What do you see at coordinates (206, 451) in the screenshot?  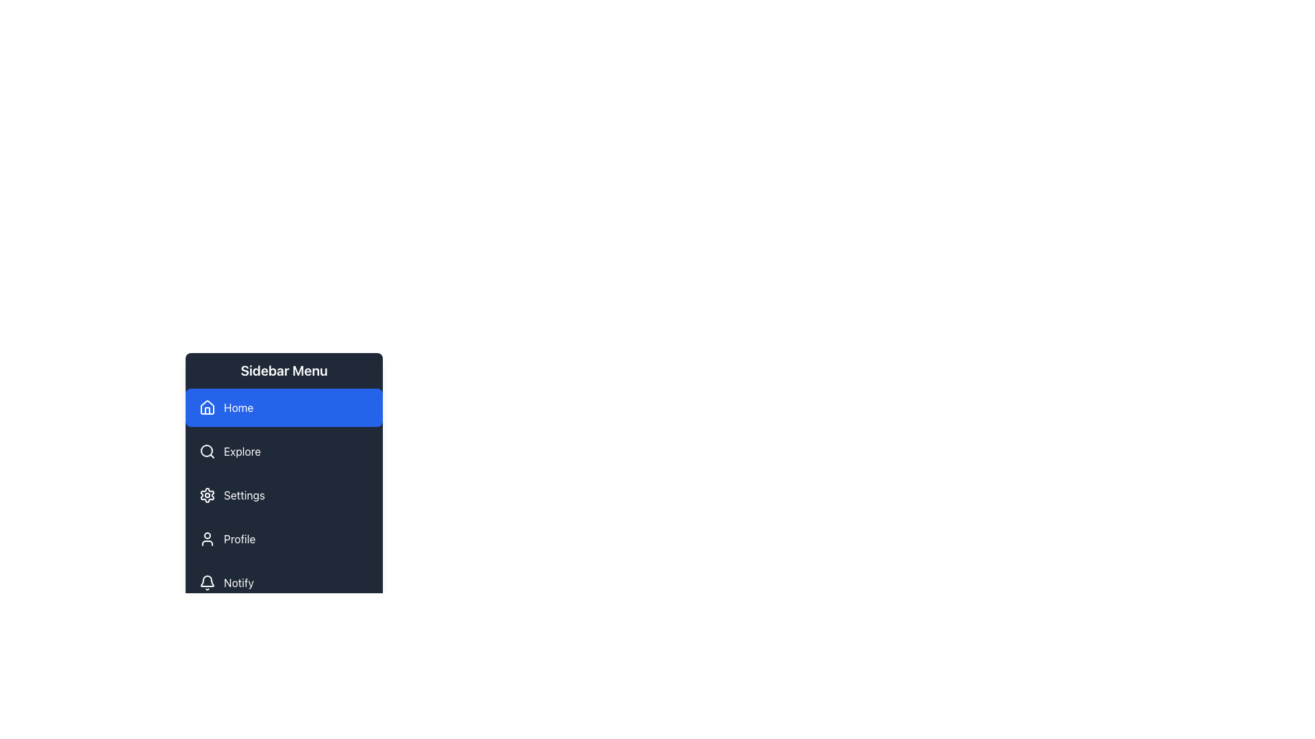 I see `the Search Icon located to the left of the 'Explore' text in the sidebar menu` at bounding box center [206, 451].